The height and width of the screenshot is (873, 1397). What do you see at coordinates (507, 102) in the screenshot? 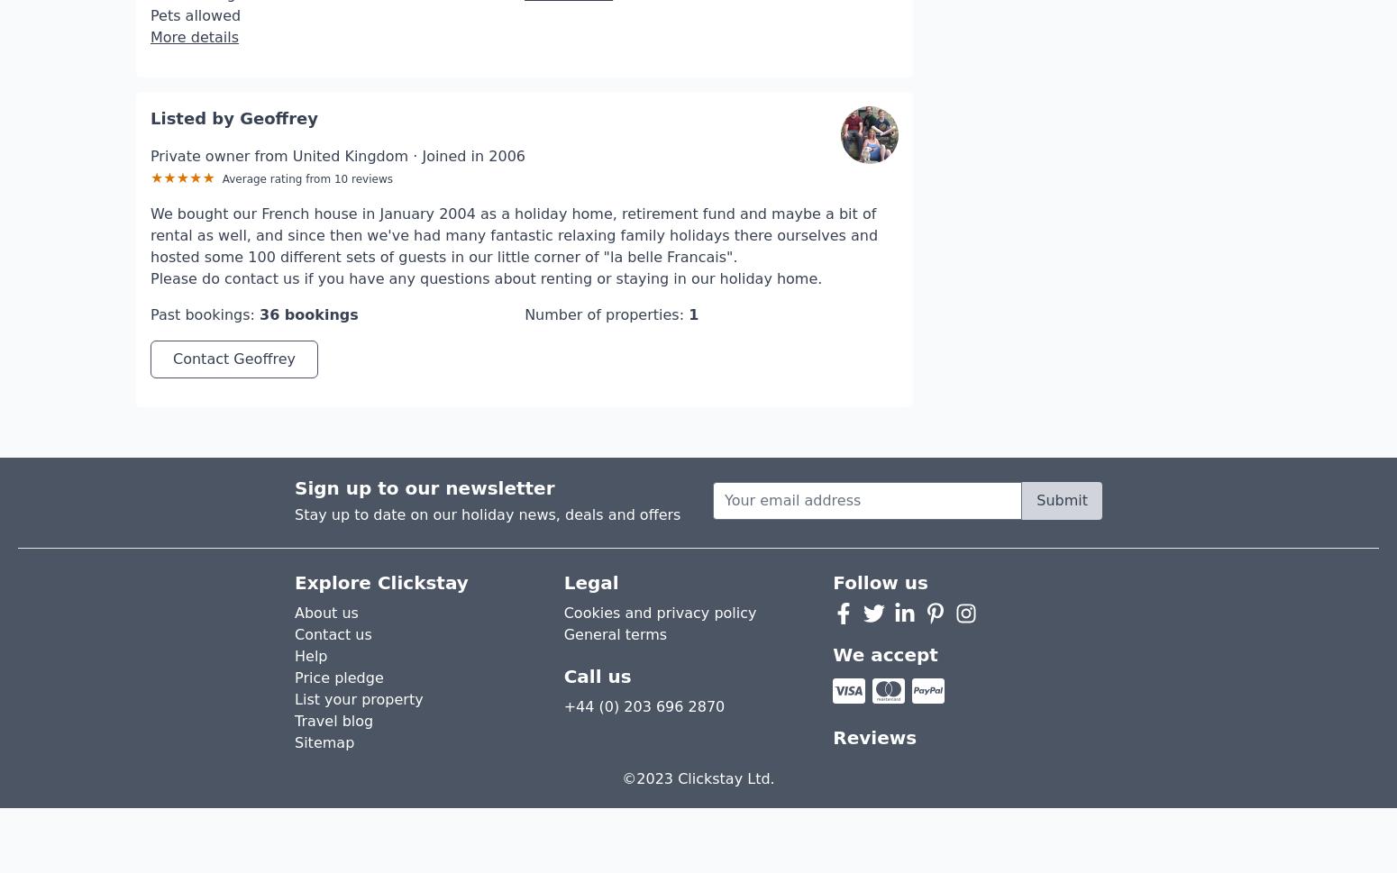
I see `'2006'` at bounding box center [507, 102].